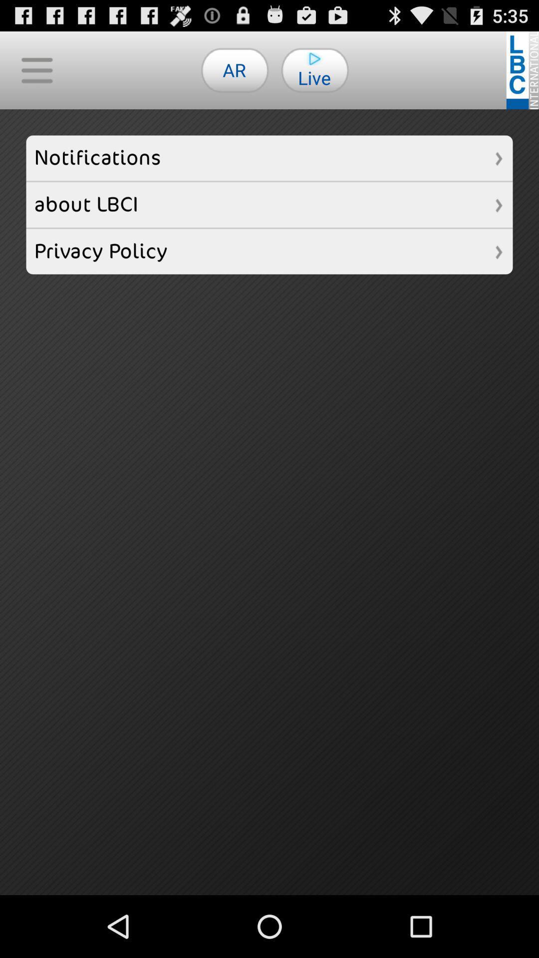 Image resolution: width=539 pixels, height=958 pixels. What do you see at coordinates (235, 69) in the screenshot?
I see `the app to the left of live` at bounding box center [235, 69].